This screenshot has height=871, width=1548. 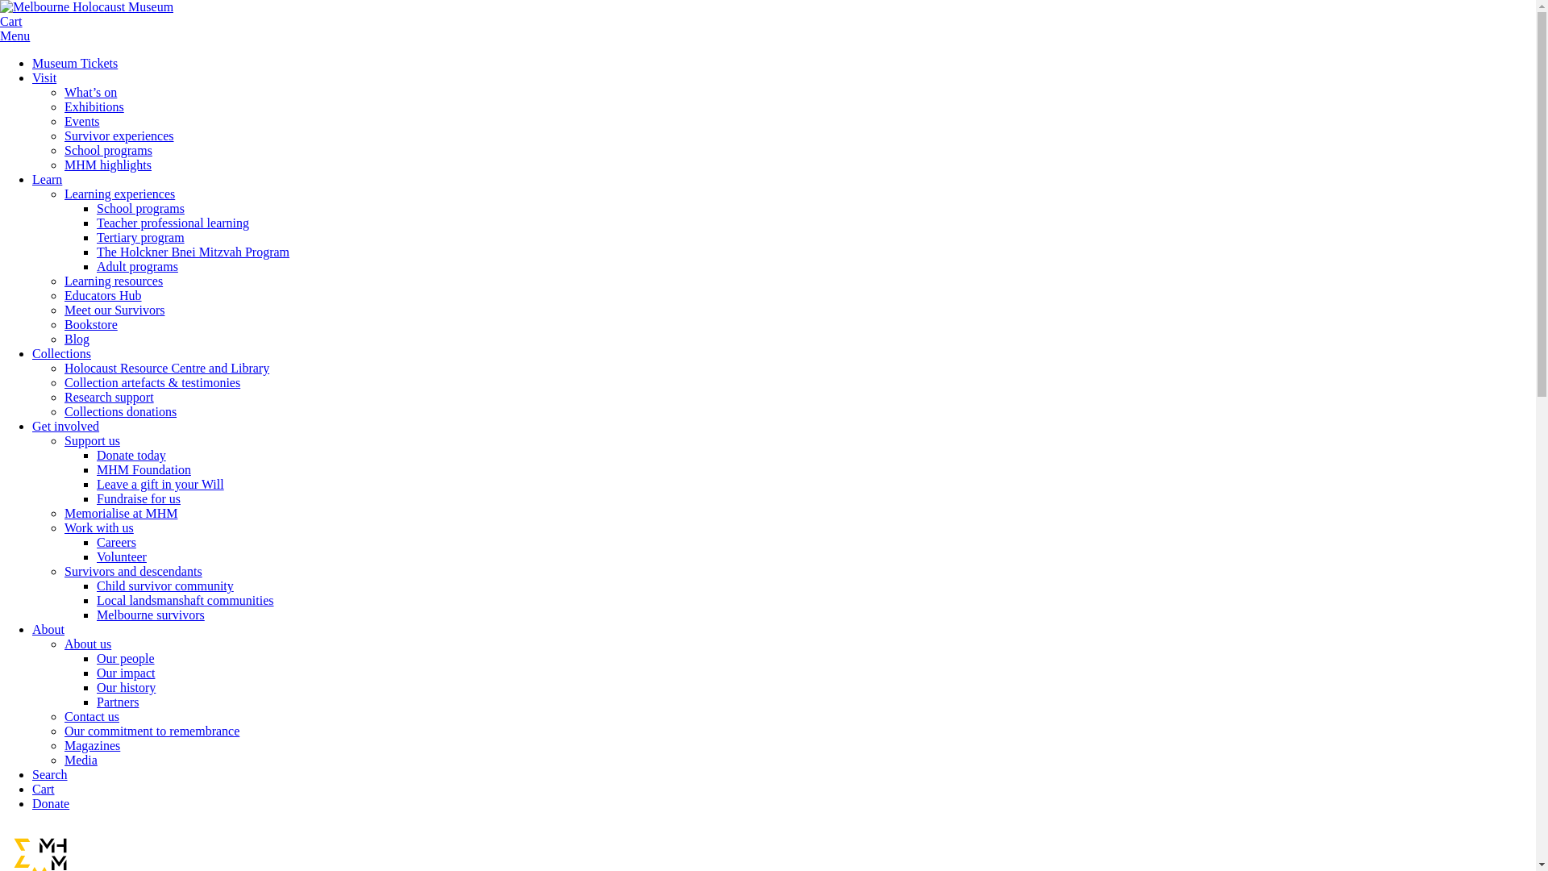 What do you see at coordinates (64, 135) in the screenshot?
I see `'Survivor experiences'` at bounding box center [64, 135].